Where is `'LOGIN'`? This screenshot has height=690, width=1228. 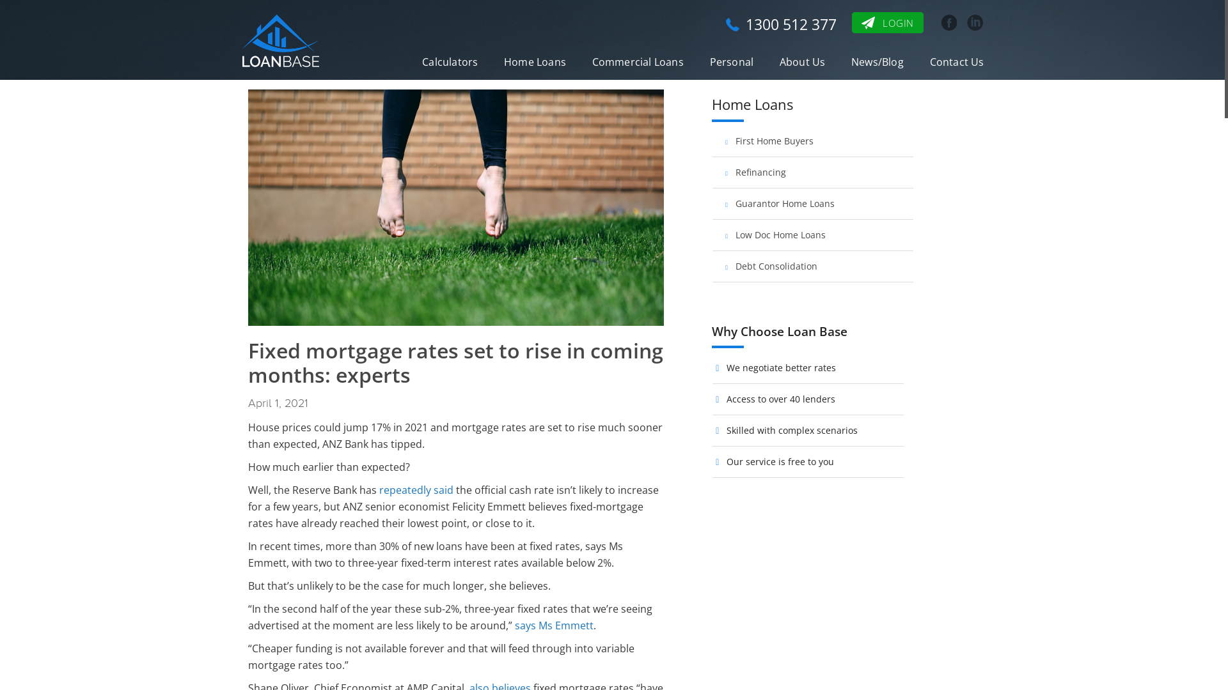
'LOGIN' is located at coordinates (886, 22).